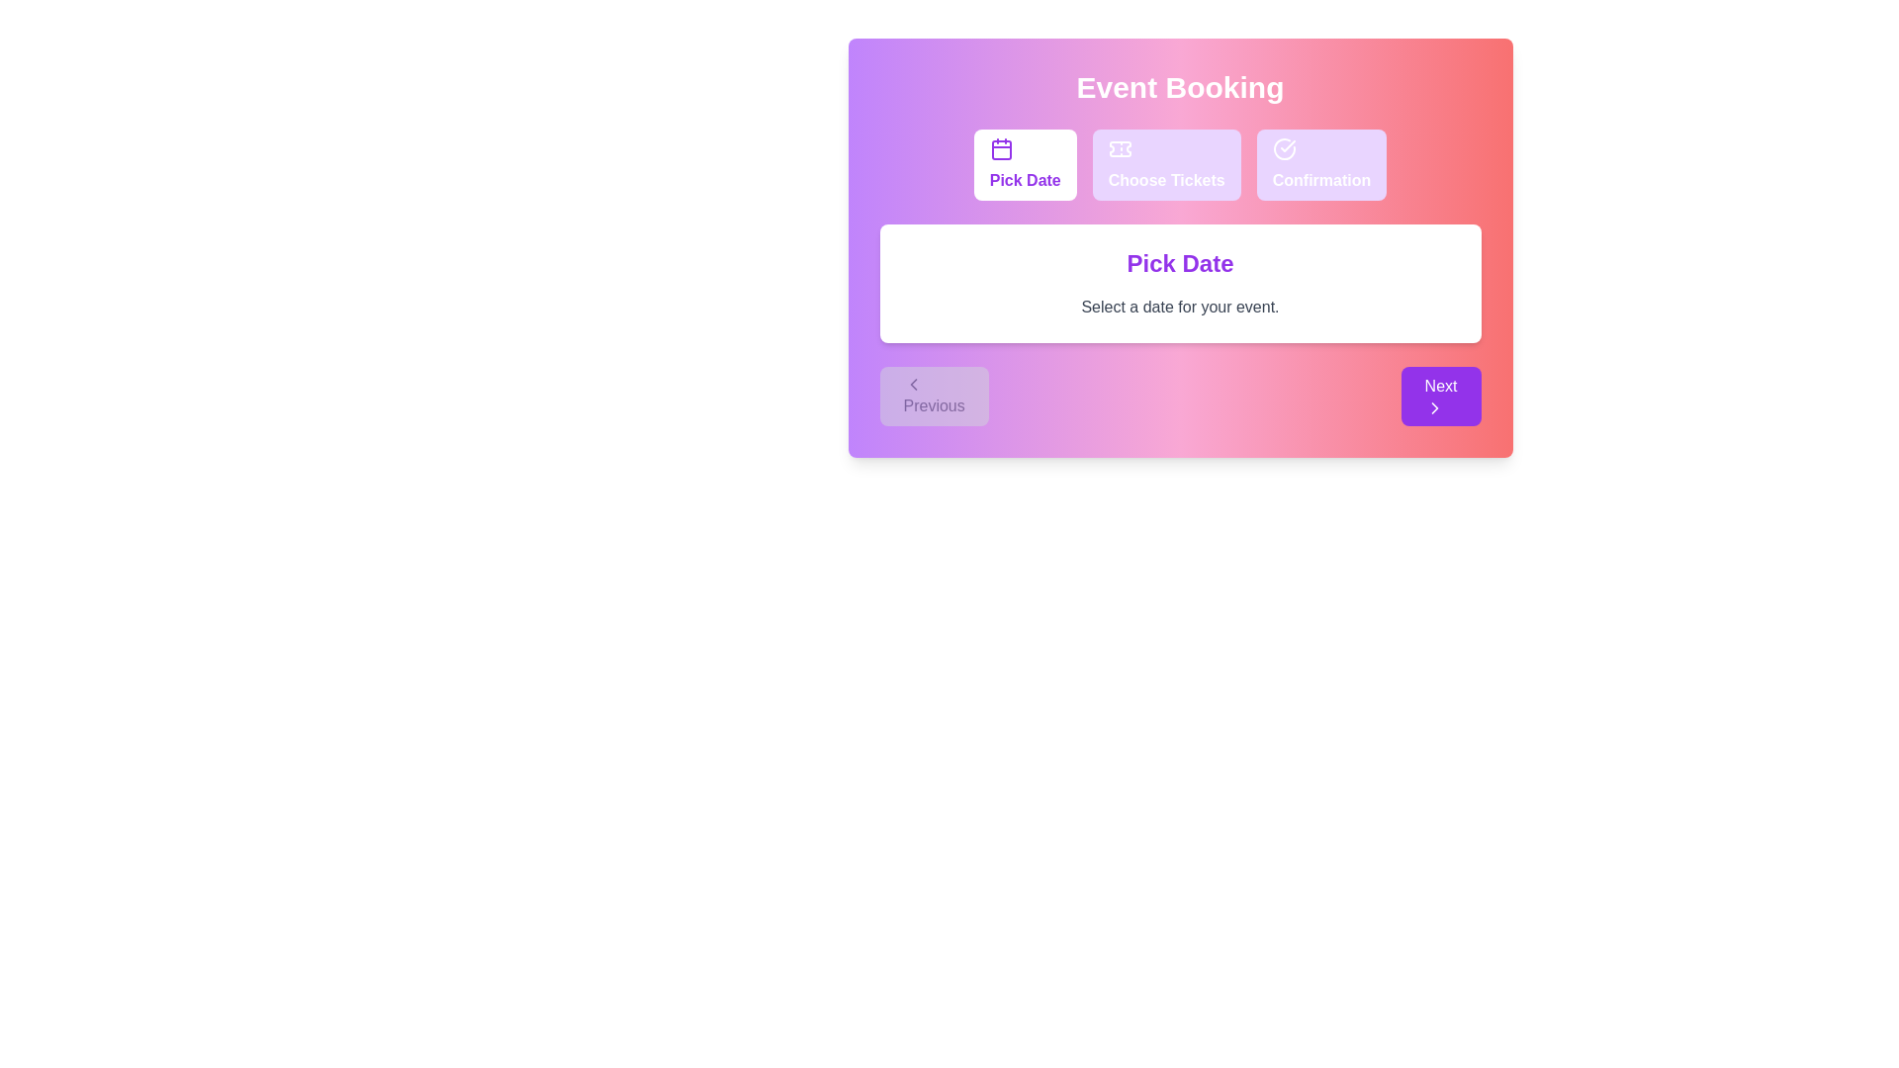  Describe the element at coordinates (1166, 163) in the screenshot. I see `the 'Choose Tickets' button, which is a lavender rectangular button located in the event booking panel` at that location.